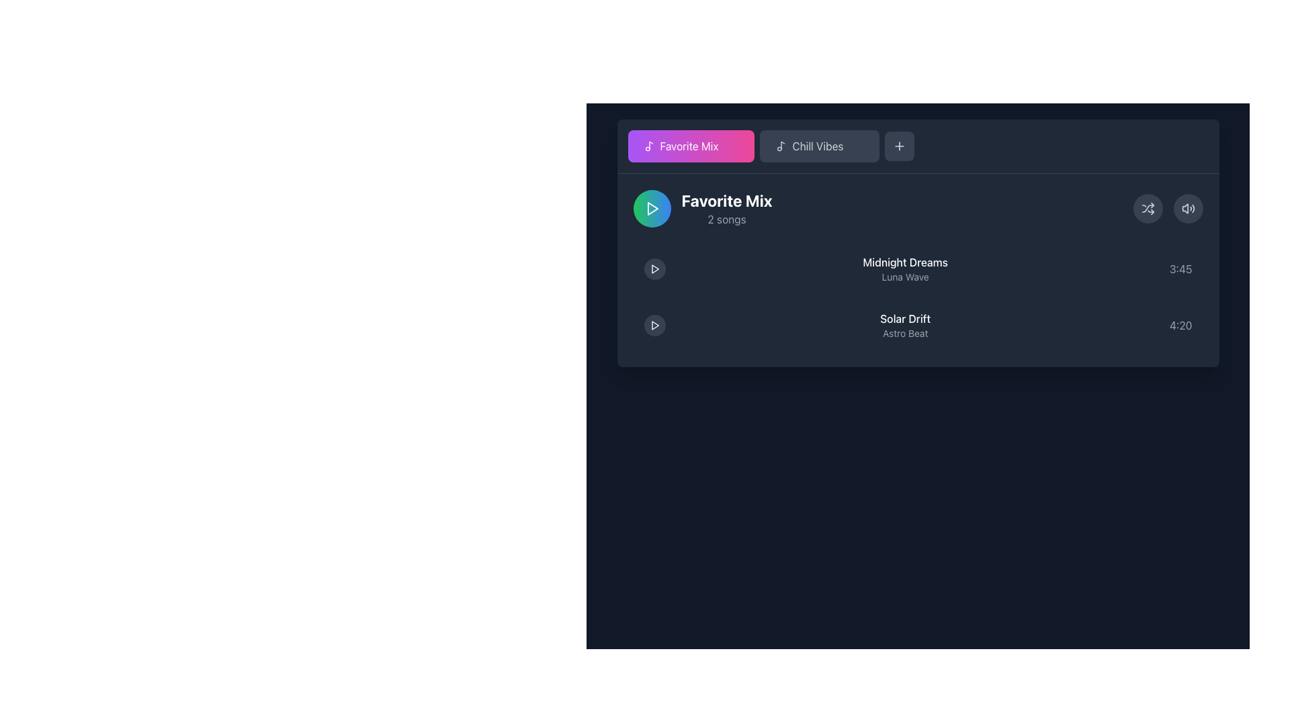 Image resolution: width=1290 pixels, height=725 pixels. I want to click on the text label displaying '2 songs', which is styled in a smaller gray font and positioned centrally beneath the 'Favorite Mix' text, so click(726, 219).